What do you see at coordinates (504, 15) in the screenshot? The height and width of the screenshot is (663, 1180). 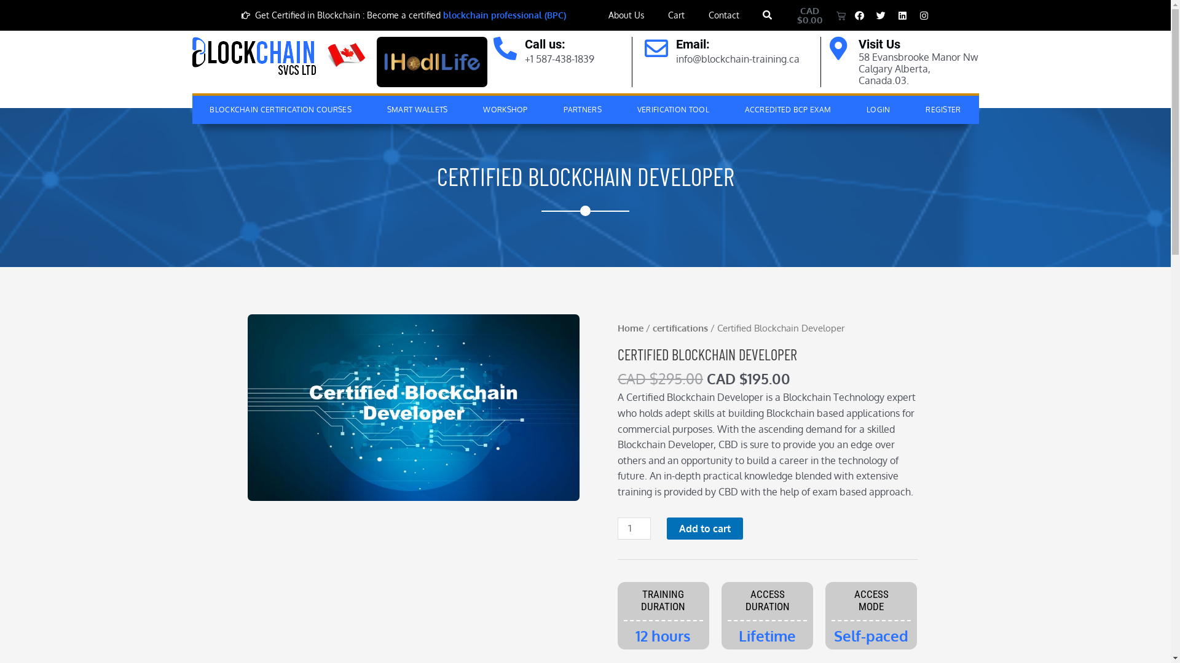 I see `'blockchain professional (BPC)'` at bounding box center [504, 15].